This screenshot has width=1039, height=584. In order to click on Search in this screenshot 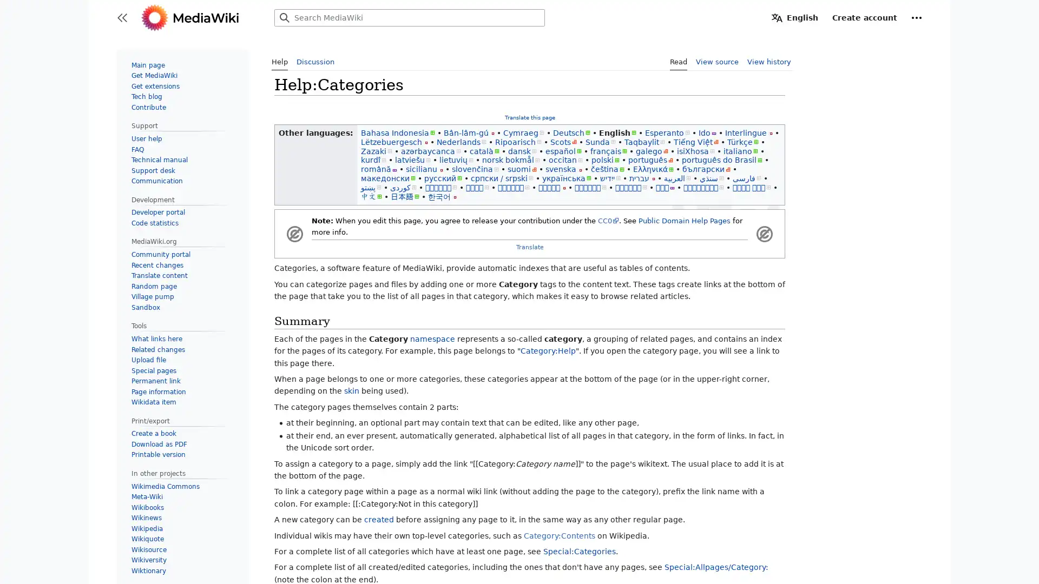, I will do `click(285, 18)`.